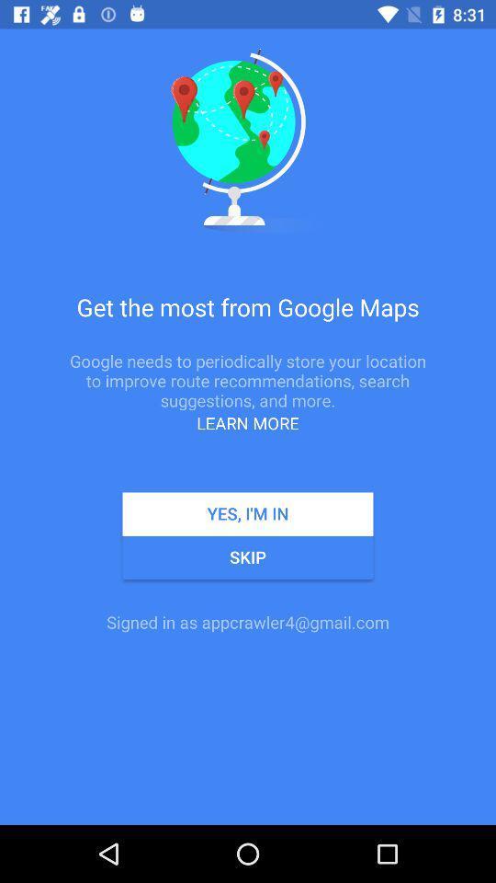  I want to click on the item below the yes i m, so click(248, 556).